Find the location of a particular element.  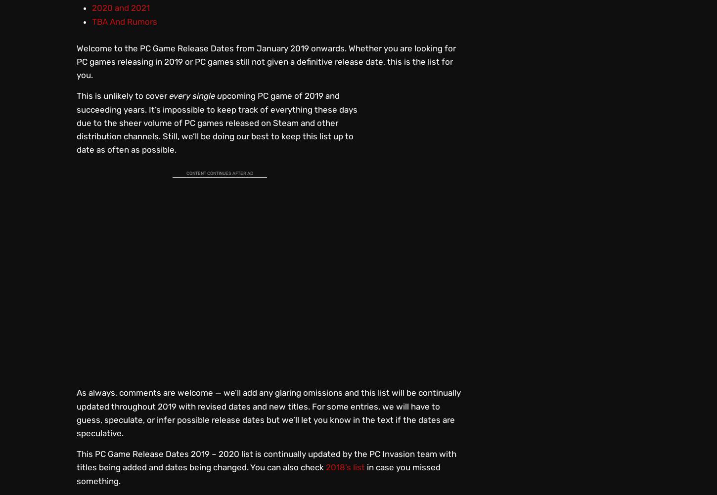

'pcoming PC game of 2019 and succeeding years. It’s impossible to keep track of everything these days due to the sheer volume of PC games released on Steam and other distribution channels. Still, we’ll be doing our best to keep this list up to date as often as possible.' is located at coordinates (217, 123).